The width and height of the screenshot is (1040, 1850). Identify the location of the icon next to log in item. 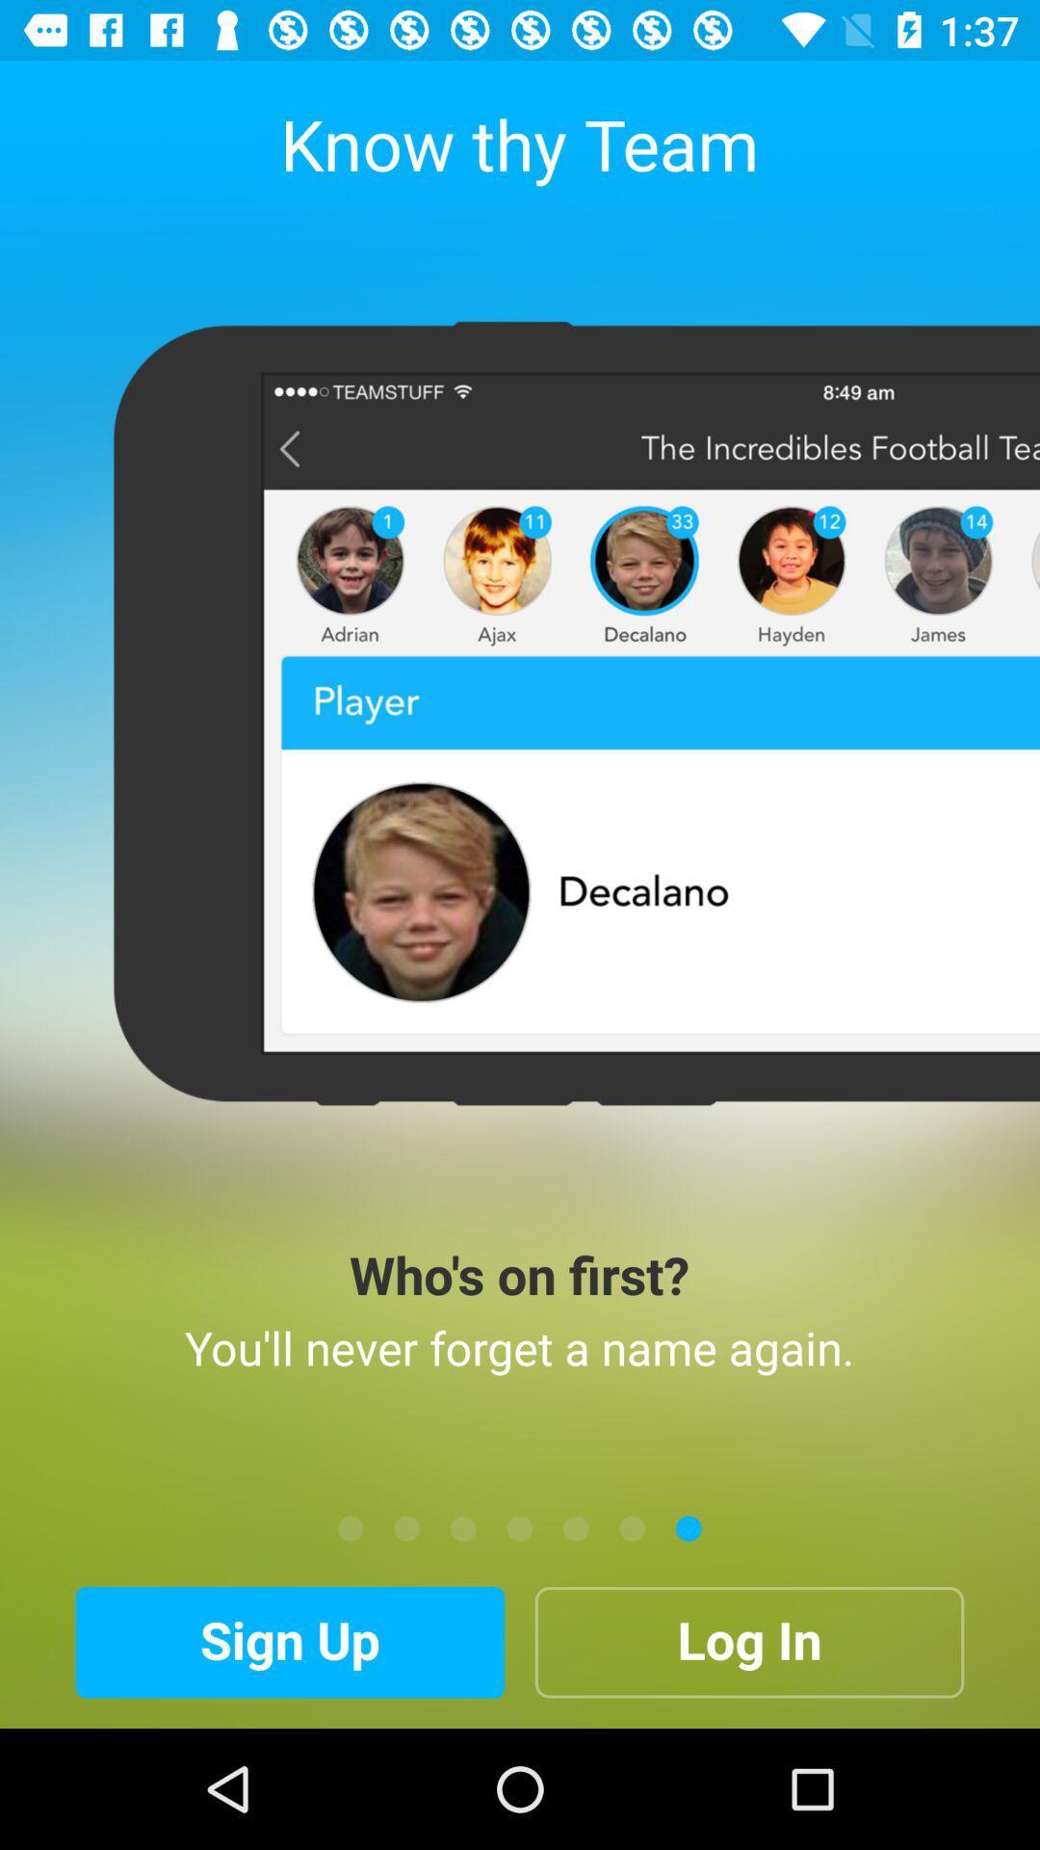
(290, 1641).